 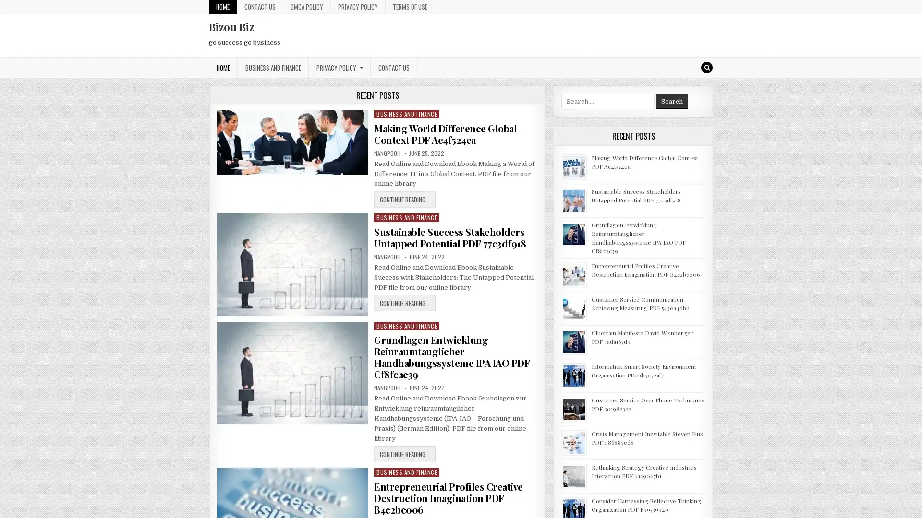 What do you see at coordinates (671, 101) in the screenshot?
I see `Search` at bounding box center [671, 101].